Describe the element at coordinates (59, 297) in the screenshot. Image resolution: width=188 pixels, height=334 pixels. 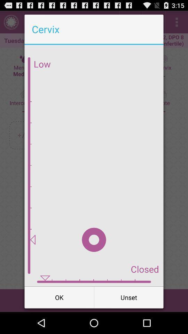
I see `button at the bottom left corner` at that location.